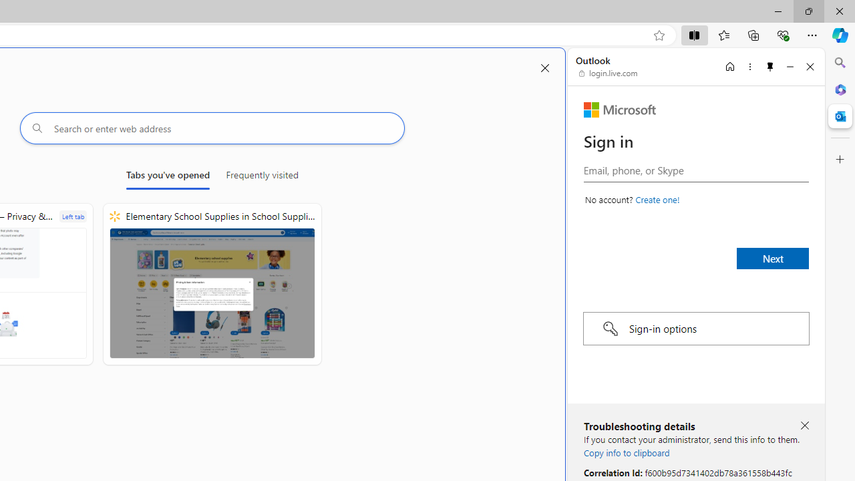 This screenshot has width=855, height=481. What do you see at coordinates (770, 66) in the screenshot?
I see `'Unpin side pane'` at bounding box center [770, 66].